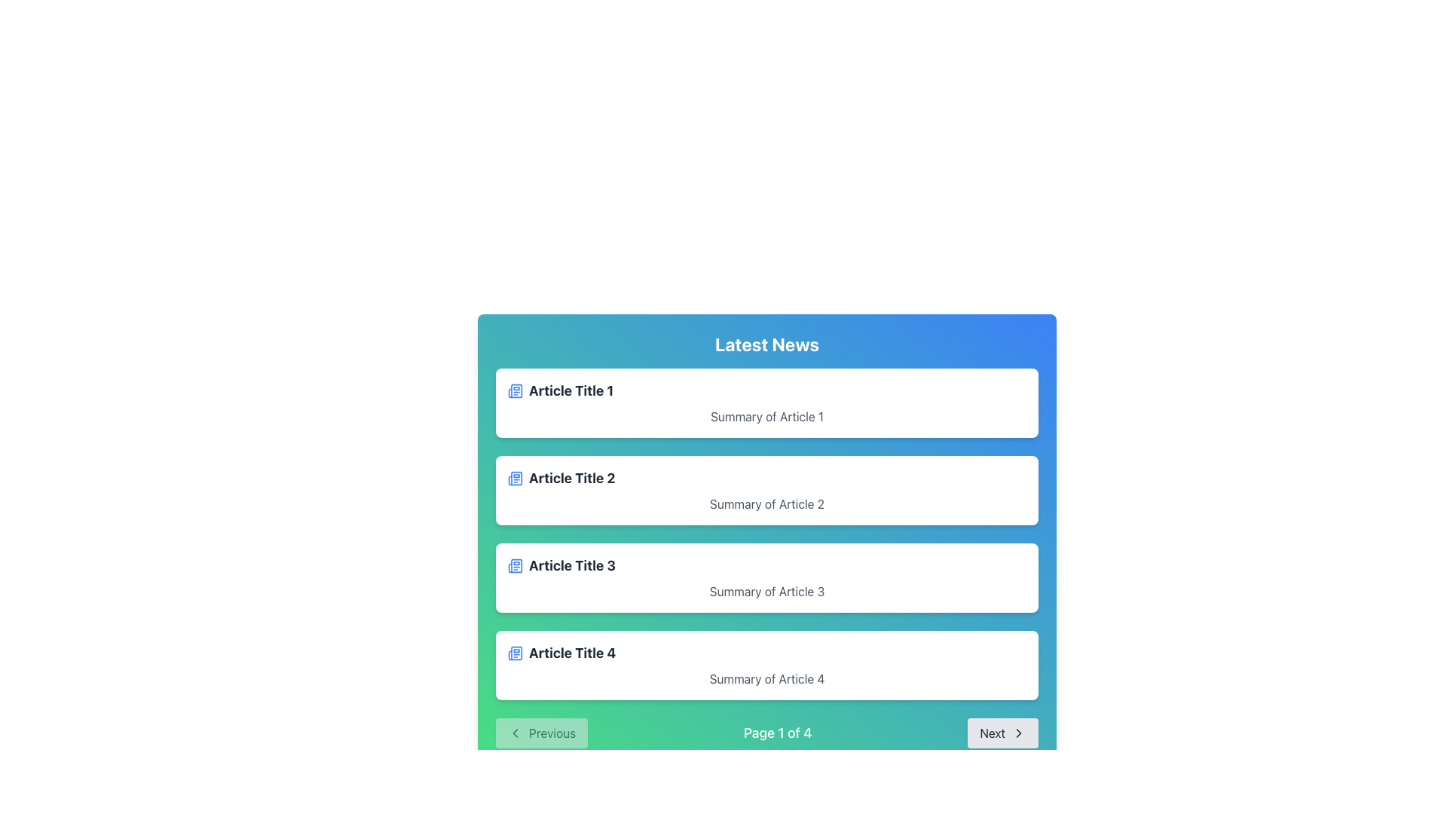  I want to click on the left-facing chevron within the 'Previous' button, so click(515, 732).